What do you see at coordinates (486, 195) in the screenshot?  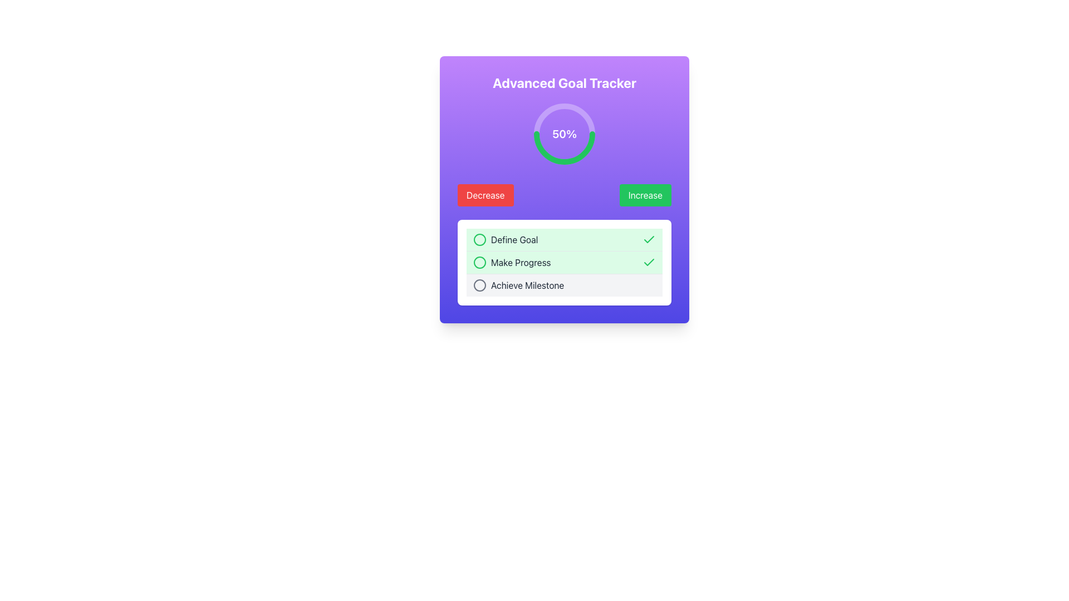 I see `the leftmost button in the horizontal flexbox that decreases the displayed value or percentage above it` at bounding box center [486, 195].